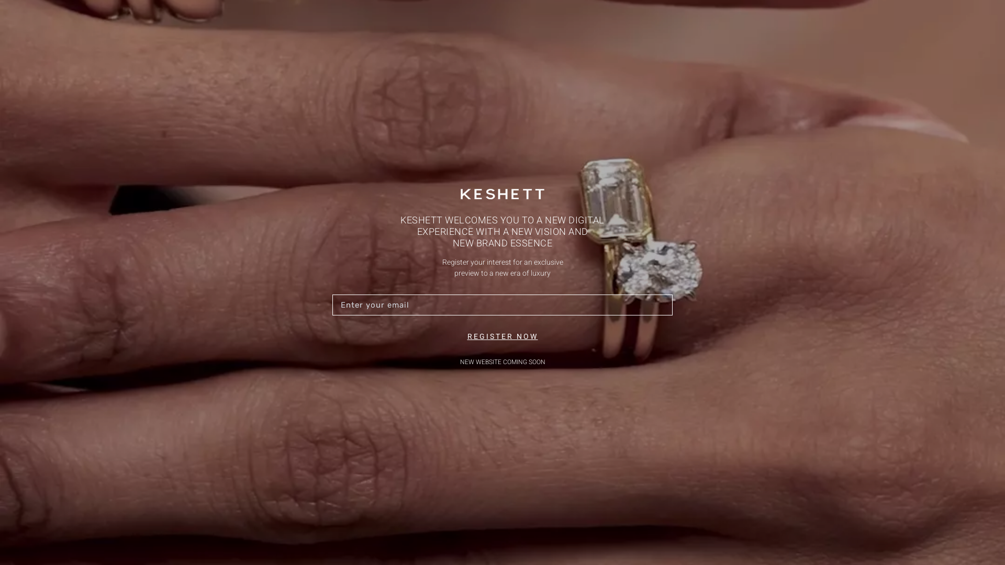  Describe the element at coordinates (501, 336) in the screenshot. I see `'REGISTER NOW'` at that location.